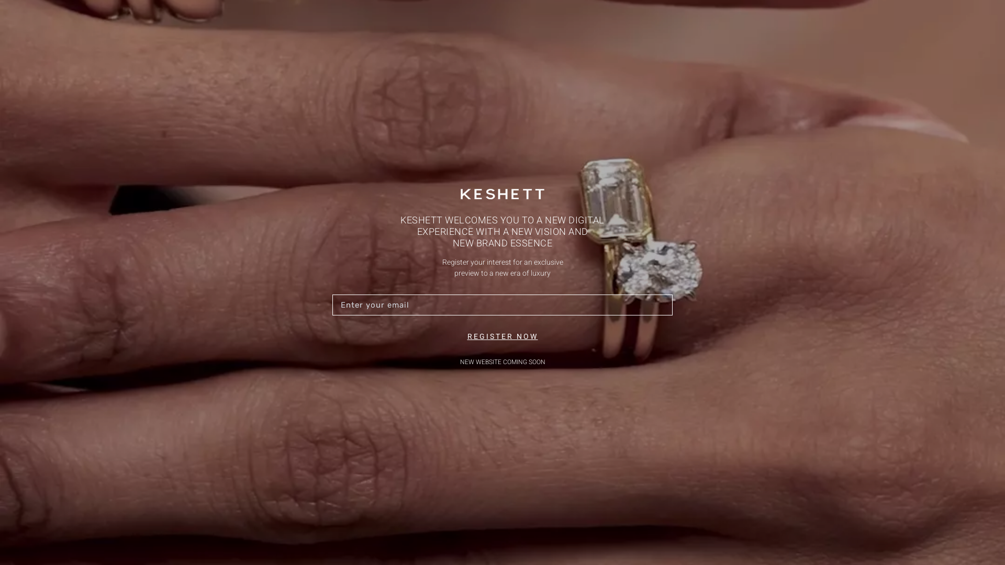  Describe the element at coordinates (501, 336) in the screenshot. I see `'REGISTER NOW'` at that location.